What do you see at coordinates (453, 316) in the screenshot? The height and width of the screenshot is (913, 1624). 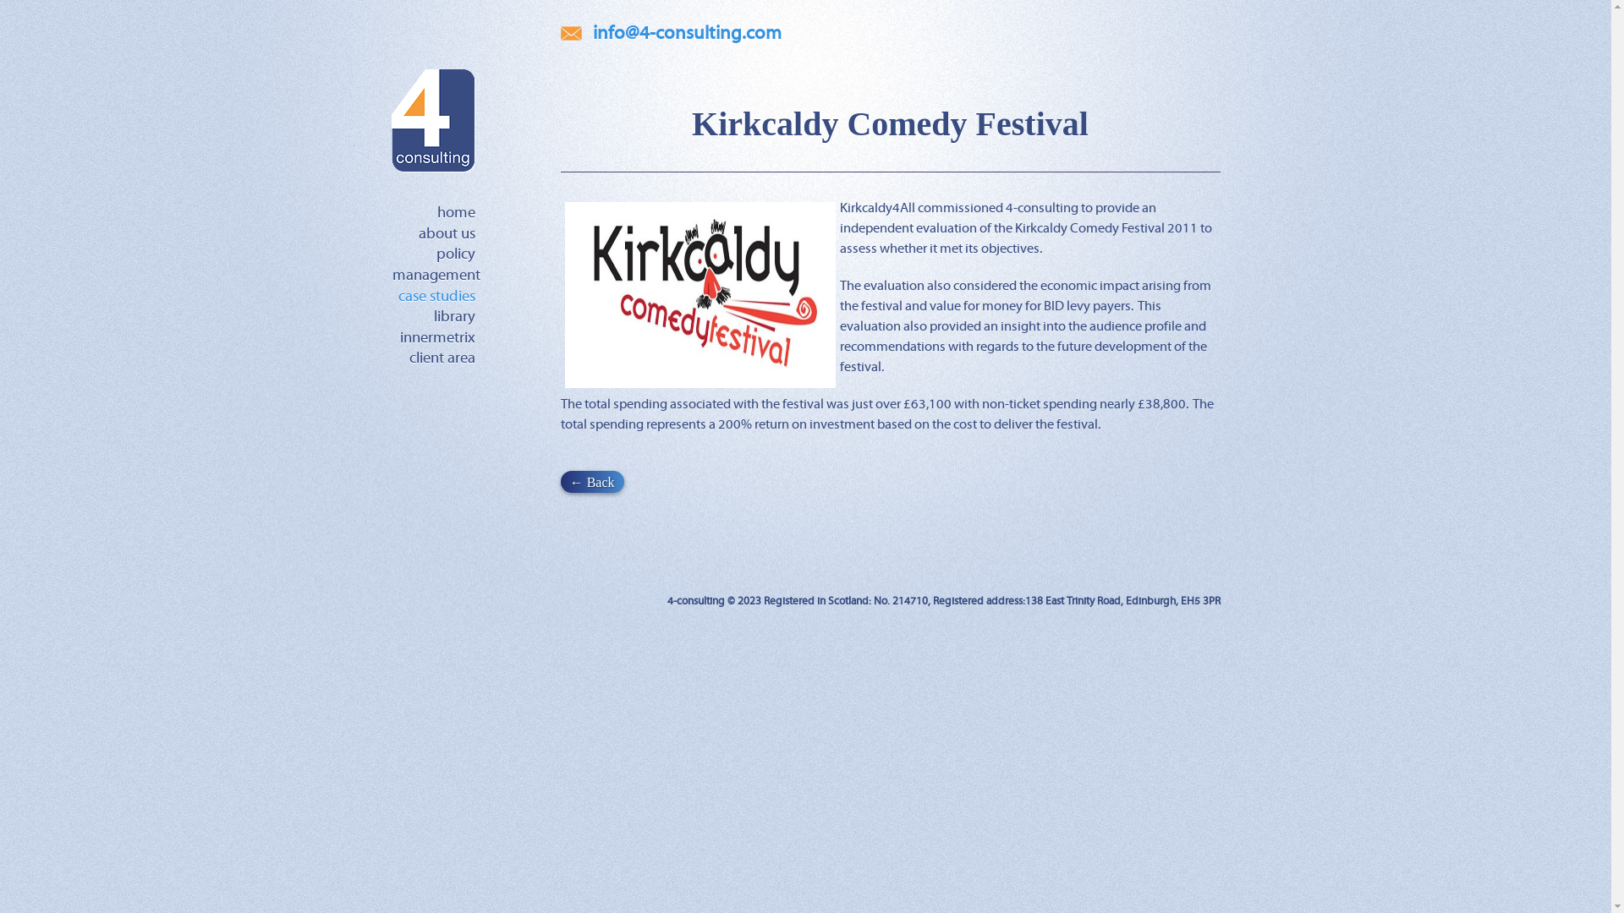 I see `'library'` at bounding box center [453, 316].